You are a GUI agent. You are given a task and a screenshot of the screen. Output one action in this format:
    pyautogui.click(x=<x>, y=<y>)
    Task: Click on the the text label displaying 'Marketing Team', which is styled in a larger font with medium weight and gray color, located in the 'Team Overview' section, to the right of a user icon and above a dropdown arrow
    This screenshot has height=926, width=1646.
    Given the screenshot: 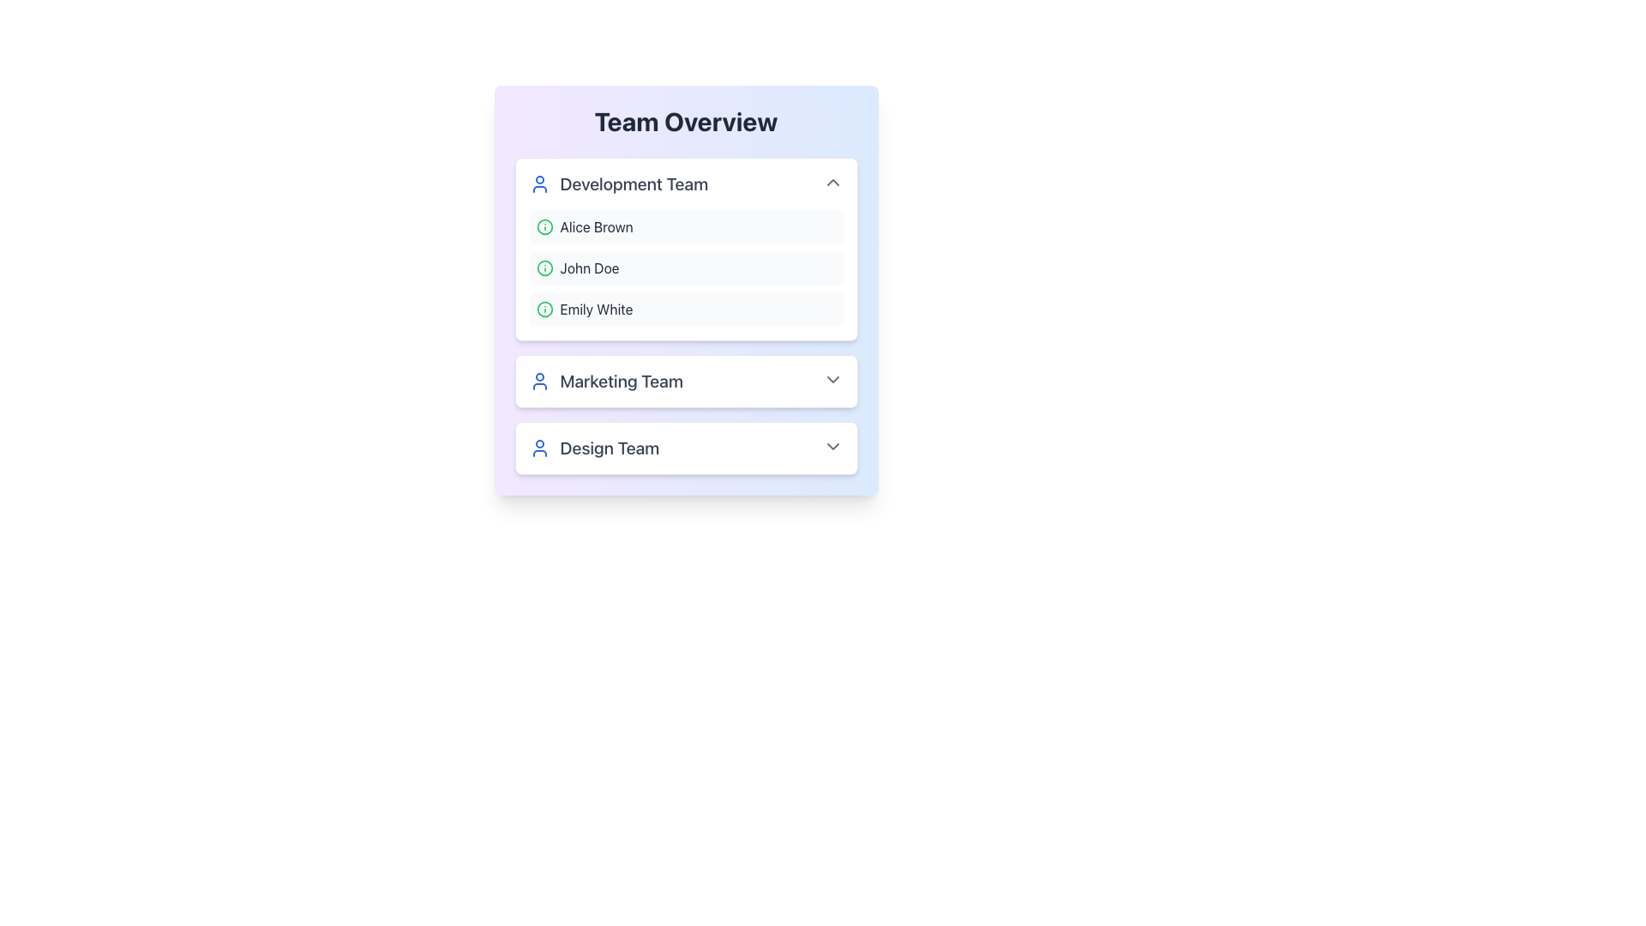 What is the action you would take?
    pyautogui.click(x=621, y=380)
    